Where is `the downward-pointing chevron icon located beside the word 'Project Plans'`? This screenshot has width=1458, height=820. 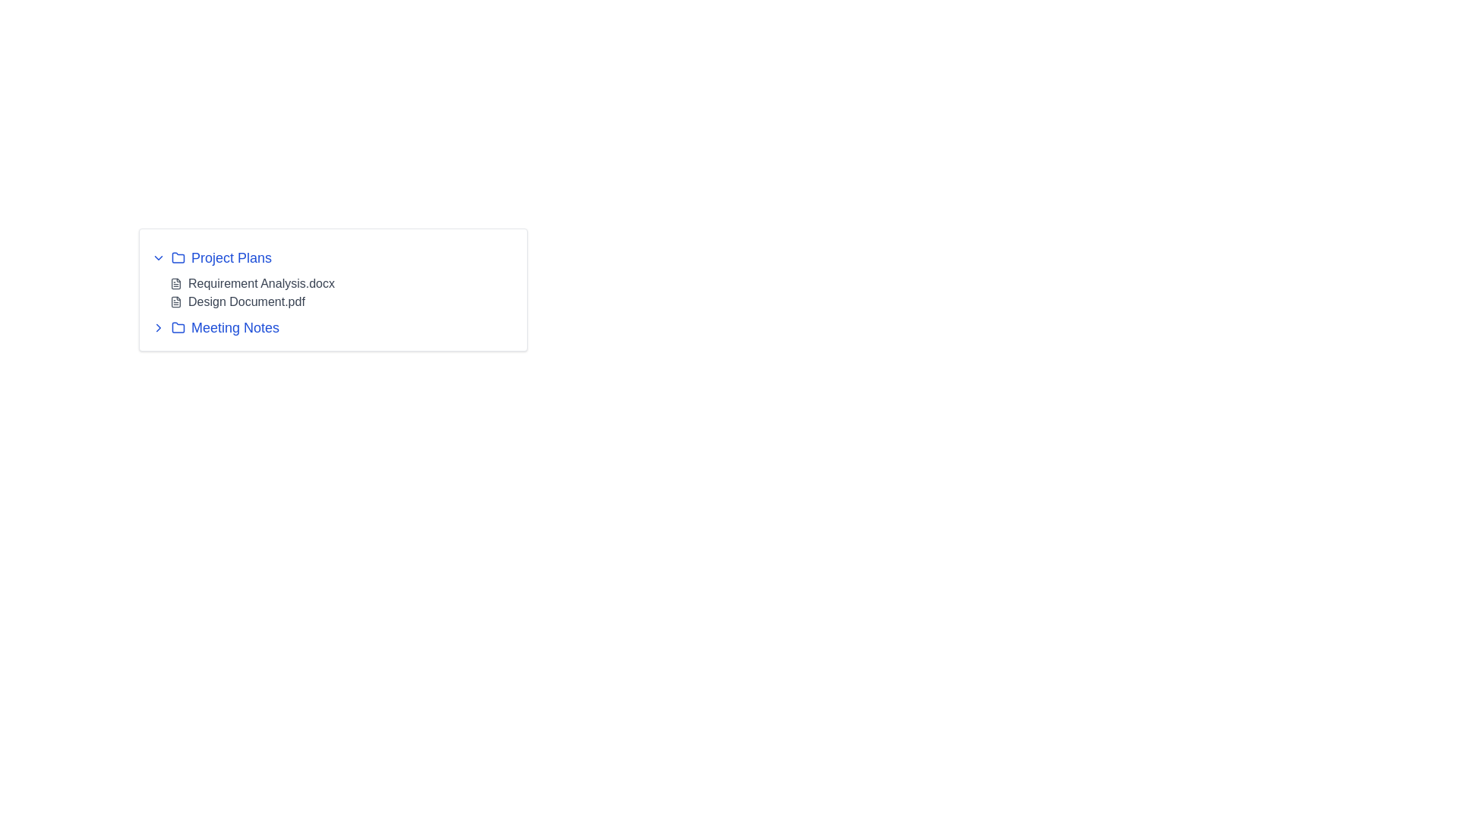
the downward-pointing chevron icon located beside the word 'Project Plans' is located at coordinates (159, 257).